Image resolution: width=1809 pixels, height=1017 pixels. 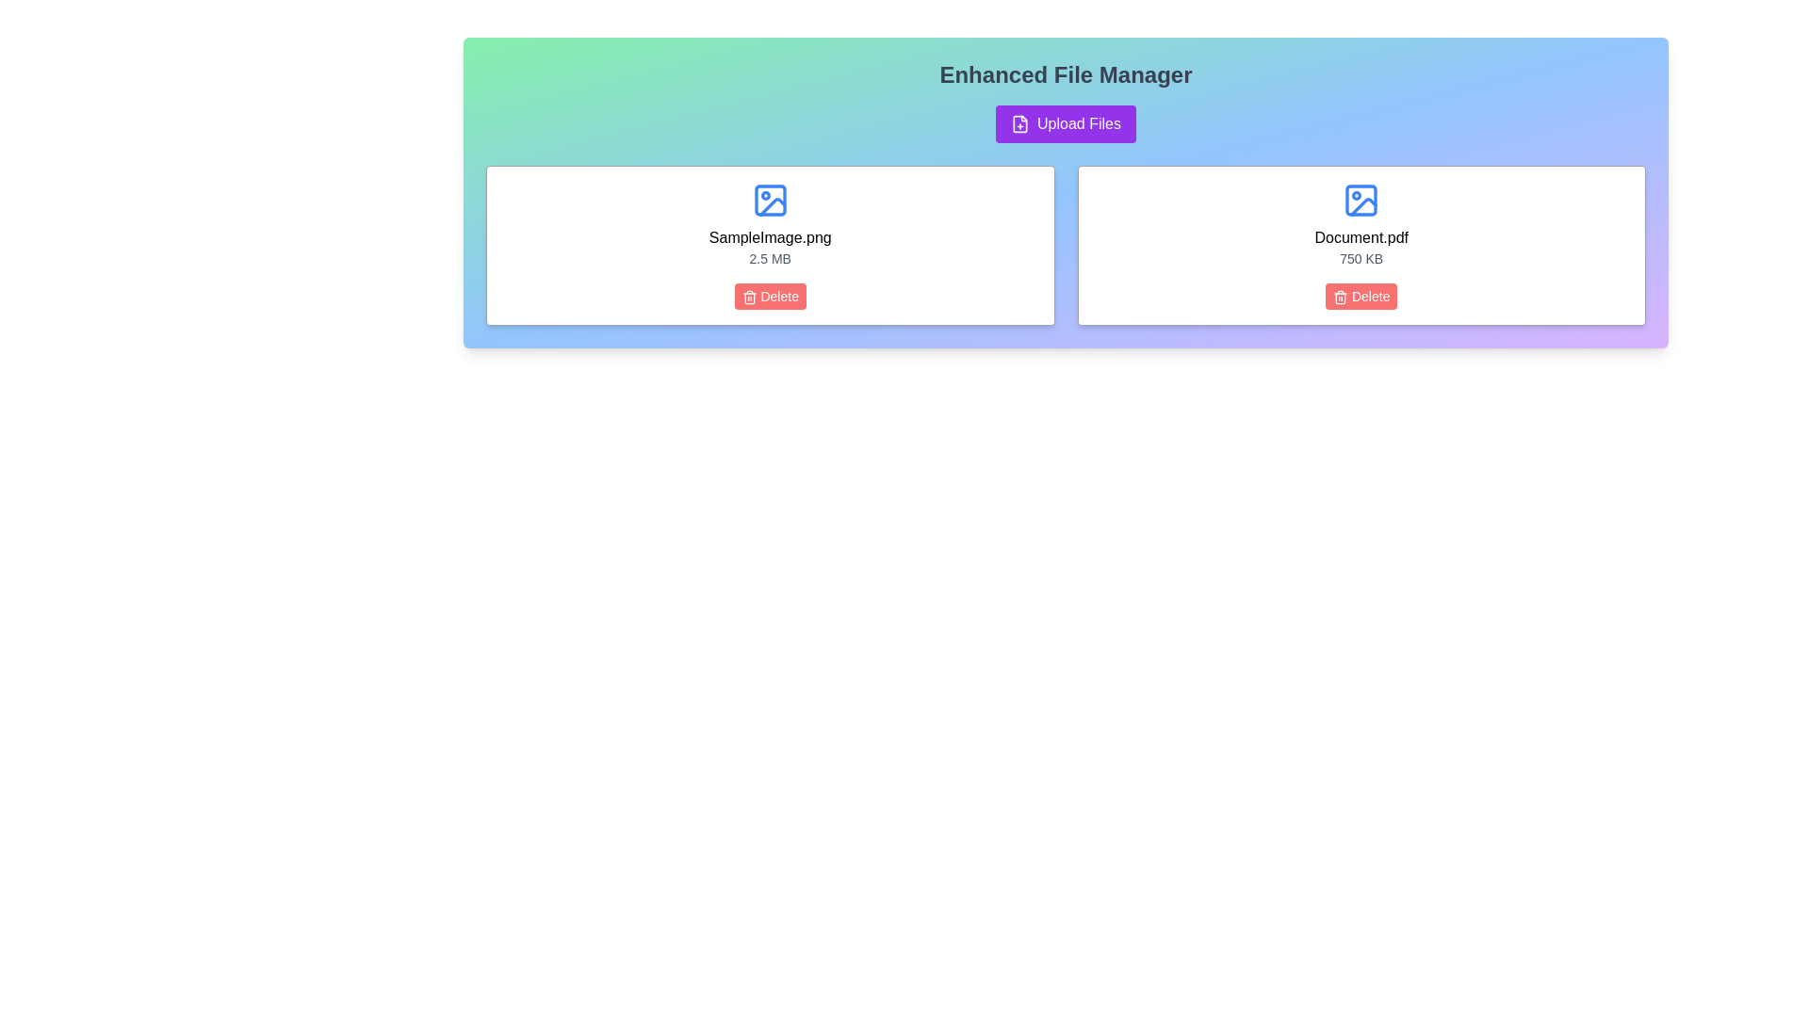 What do you see at coordinates (1019, 123) in the screenshot?
I see `the SVG icon shaped like a document with a plus sign, which is located to the left of the 'Upload Files' text within the 'Upload Files' button under the 'Enhanced File Manager' header` at bounding box center [1019, 123].